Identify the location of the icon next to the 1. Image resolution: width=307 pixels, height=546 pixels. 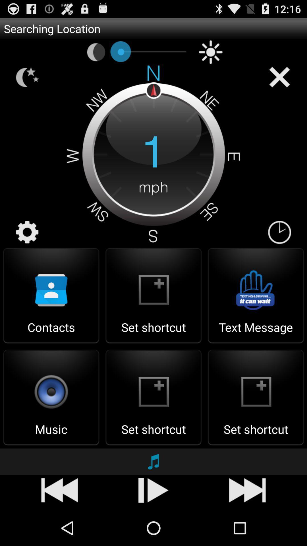
(279, 232).